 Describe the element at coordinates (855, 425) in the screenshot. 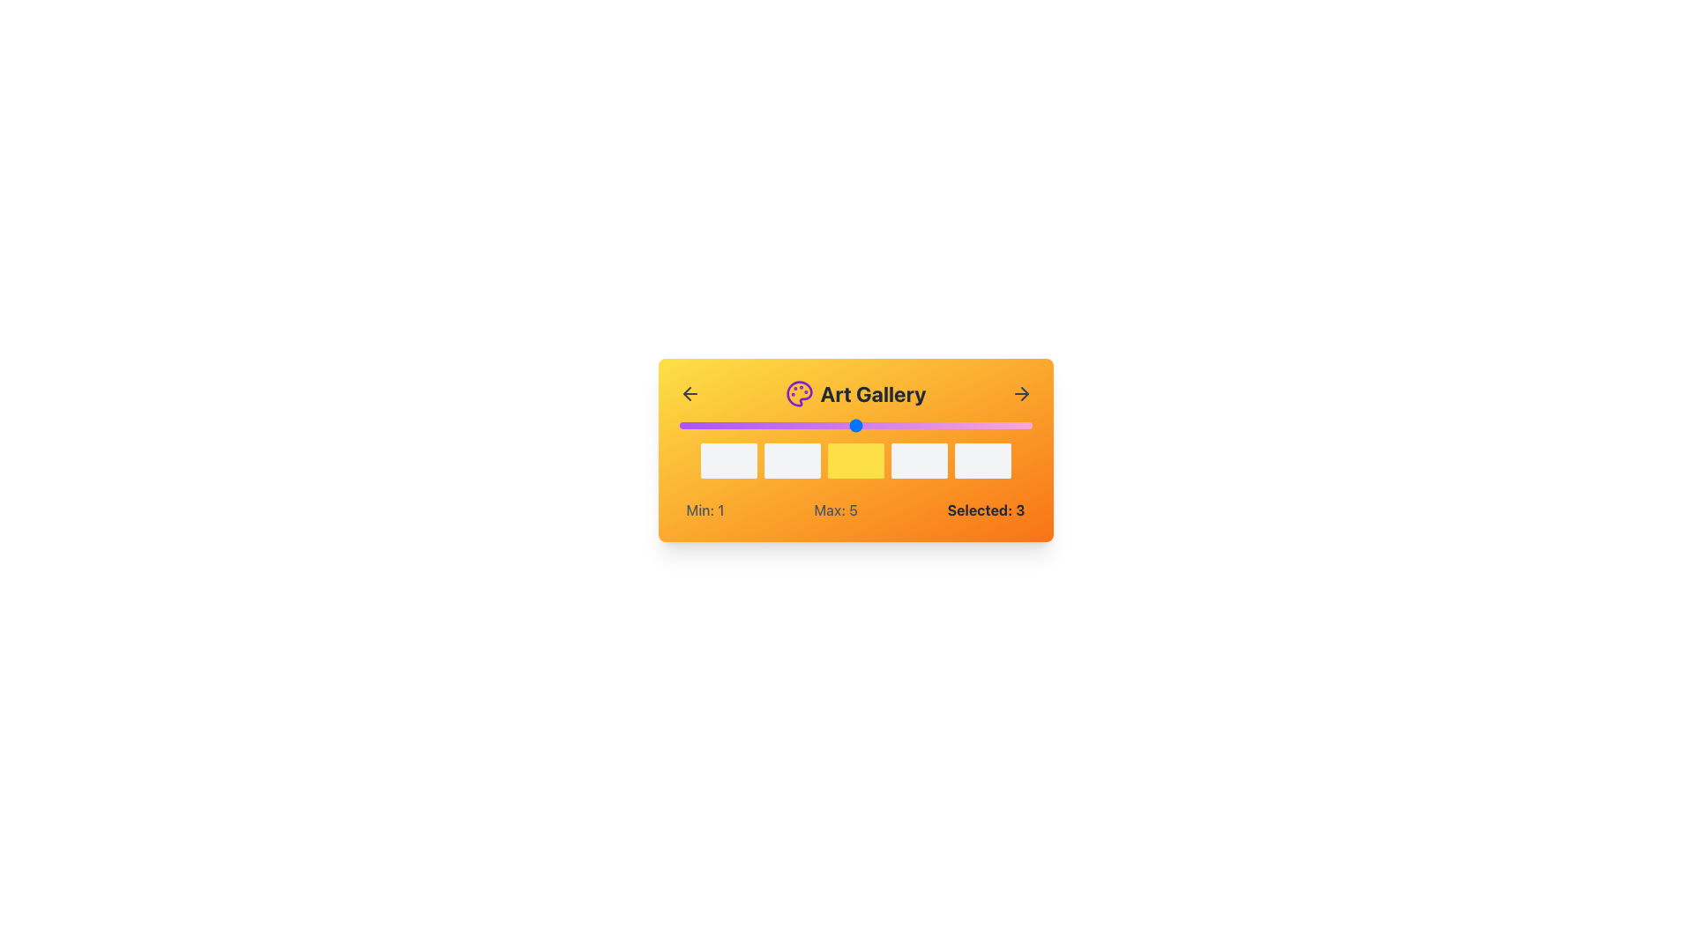

I see `the slider` at that location.